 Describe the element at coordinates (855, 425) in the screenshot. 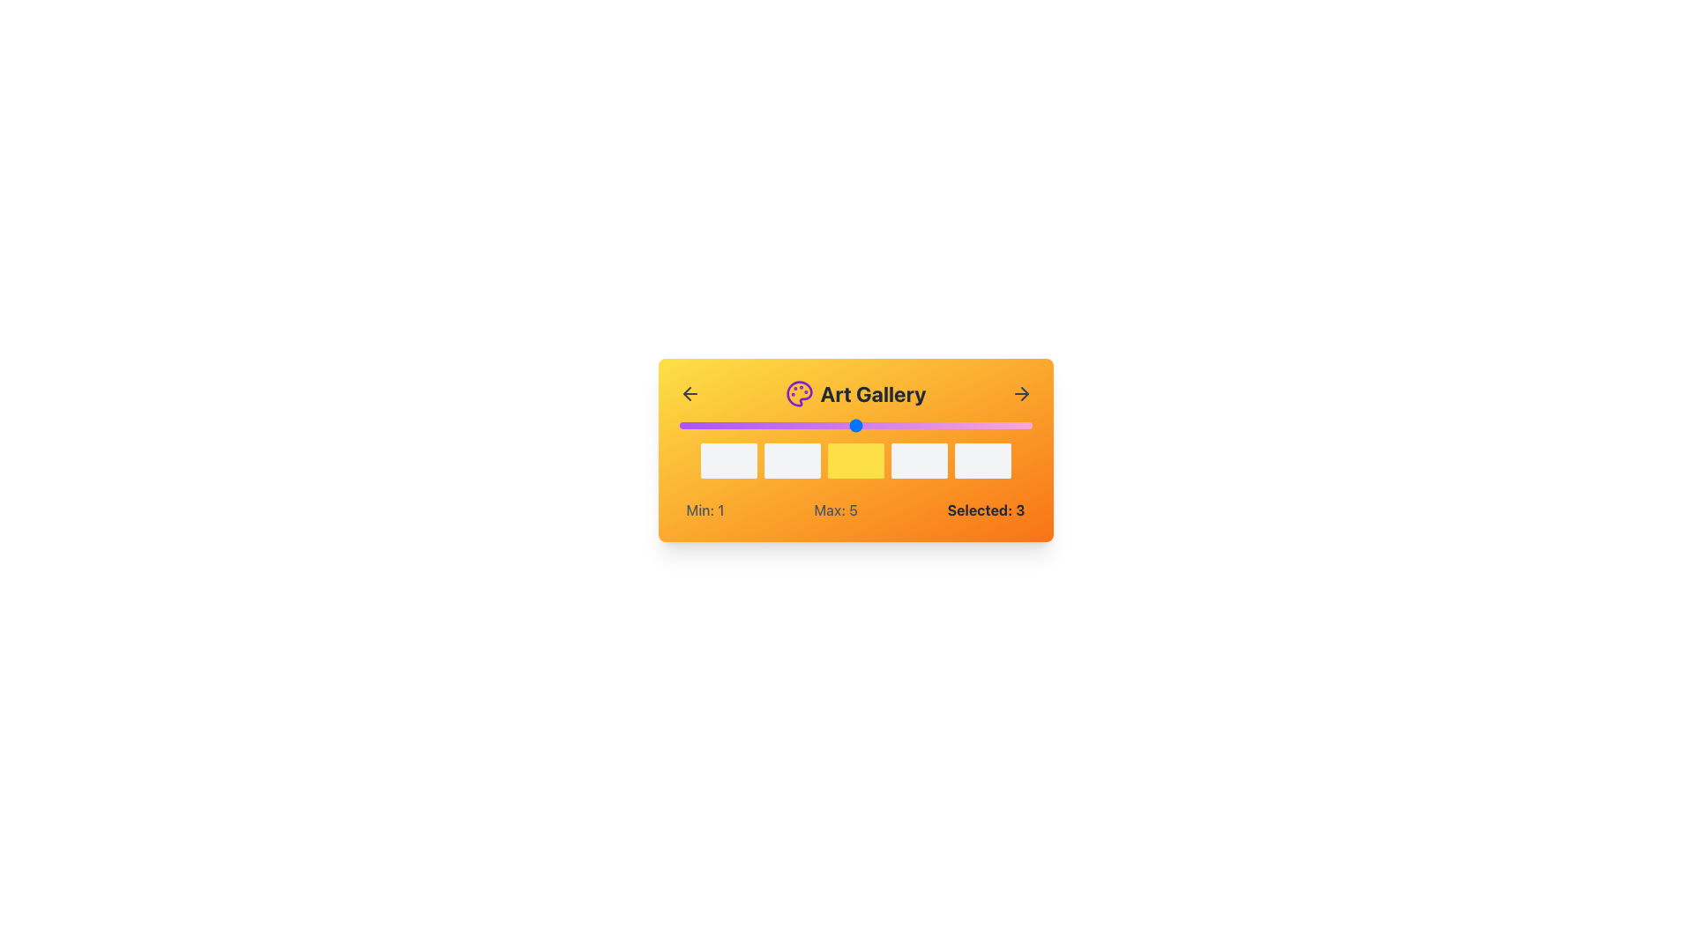

I see `the slider` at that location.